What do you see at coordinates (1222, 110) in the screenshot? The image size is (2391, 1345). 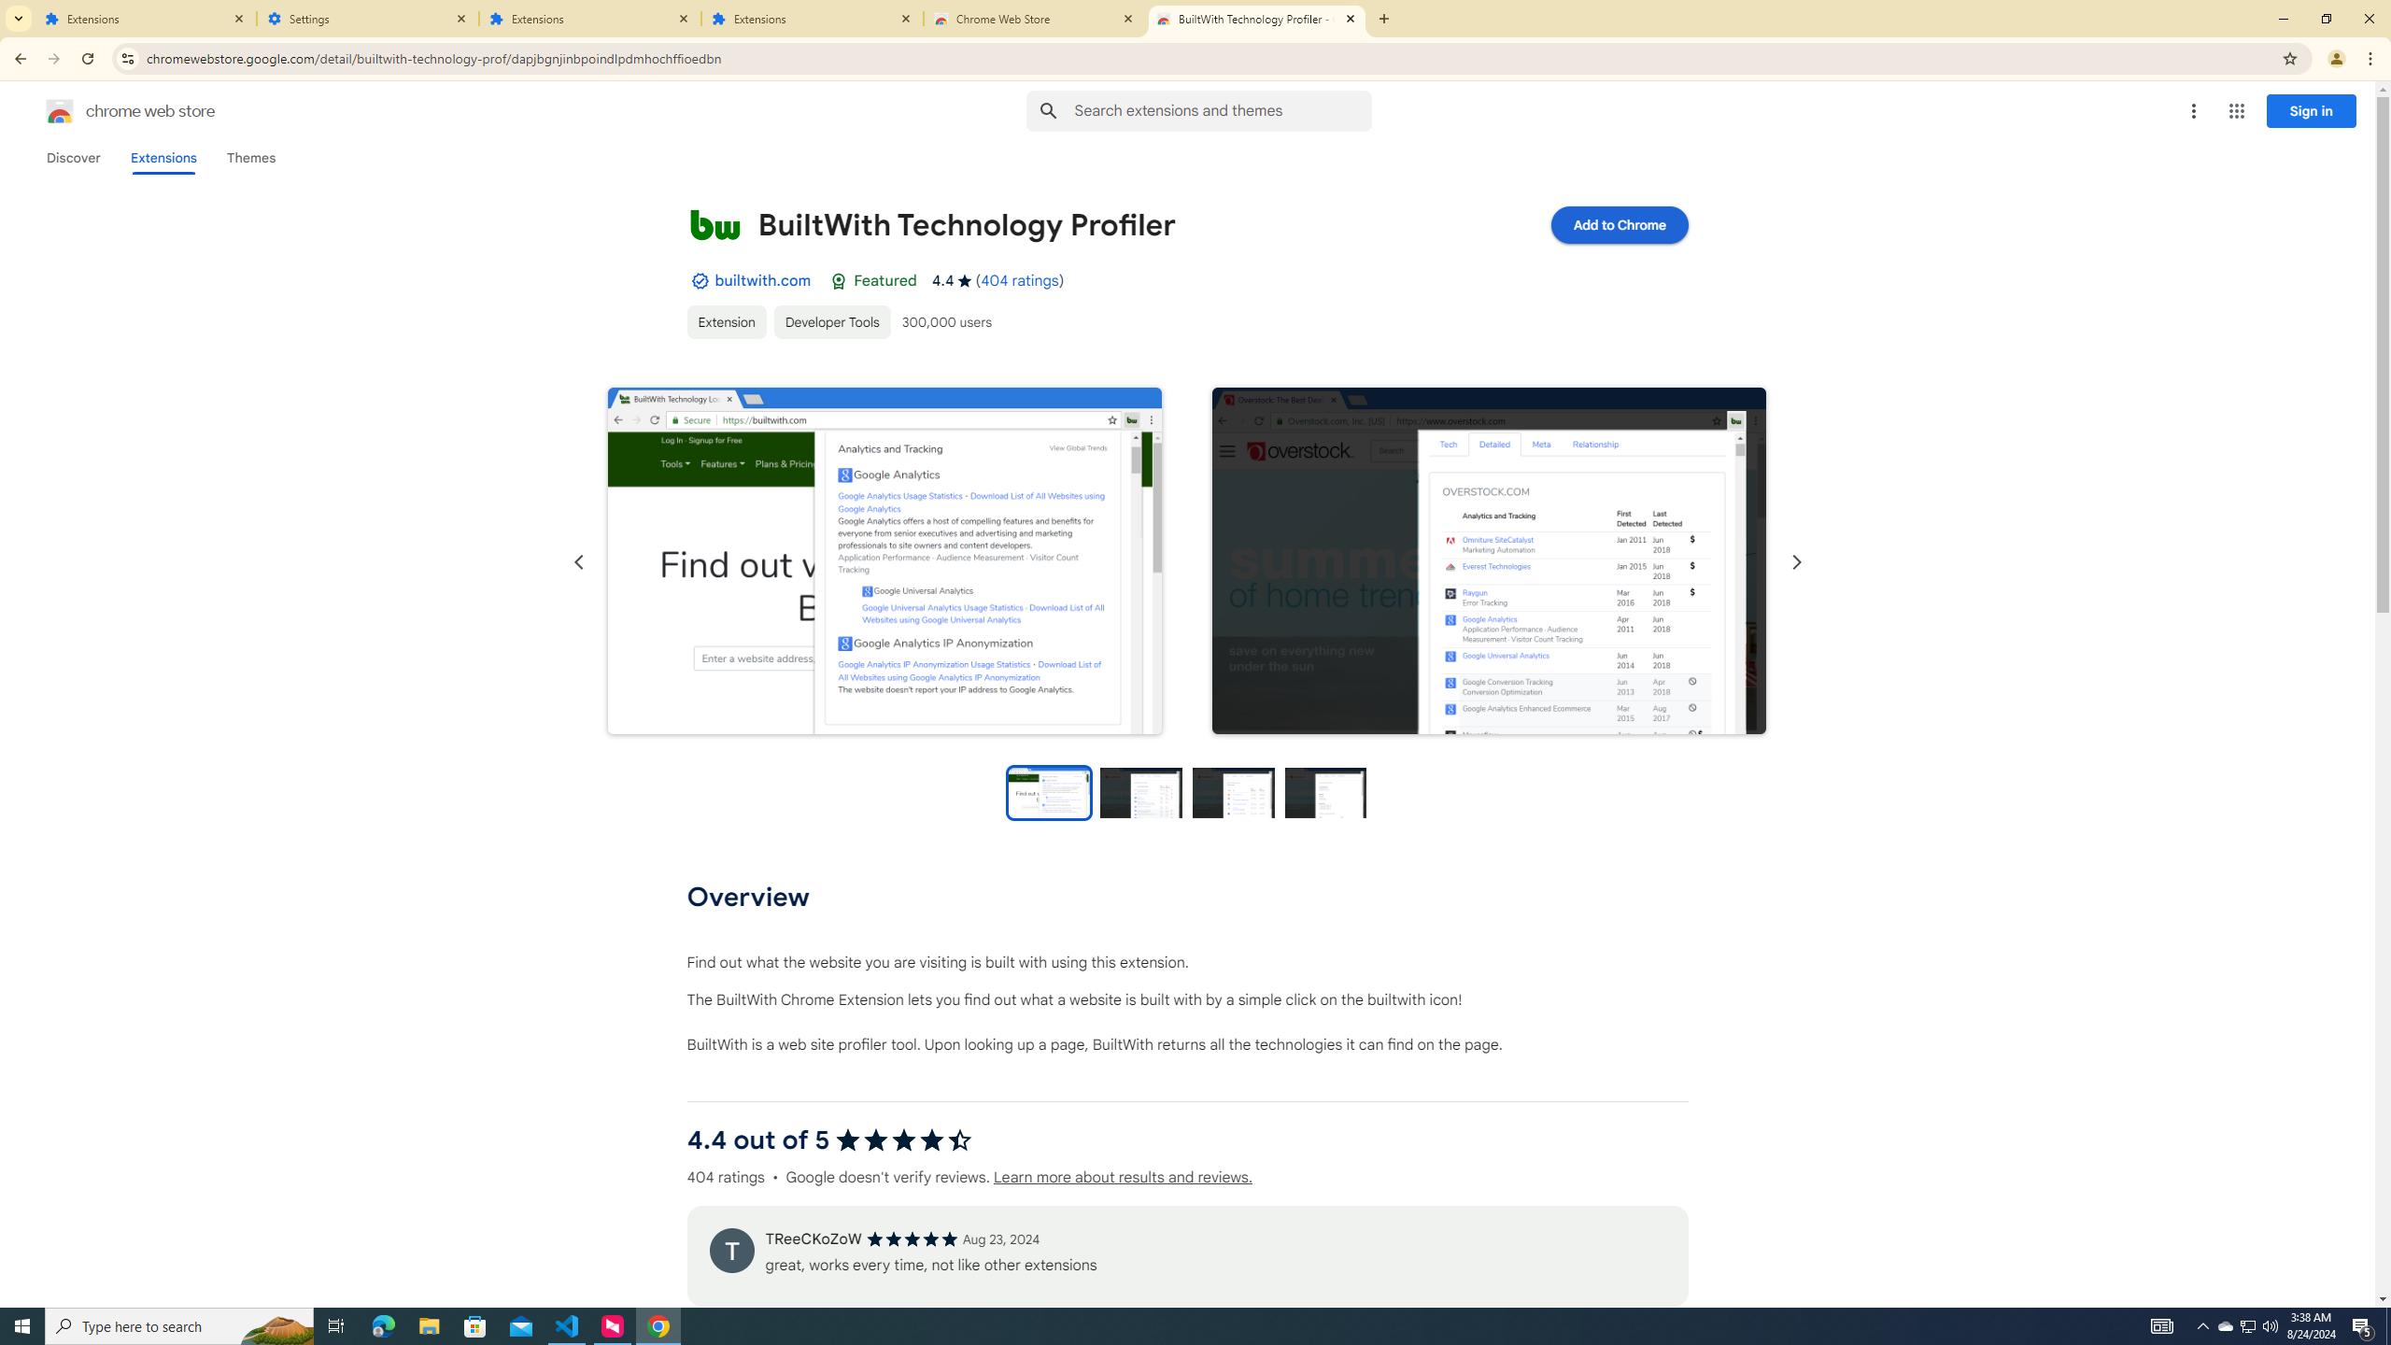 I see `'Search input'` at bounding box center [1222, 110].